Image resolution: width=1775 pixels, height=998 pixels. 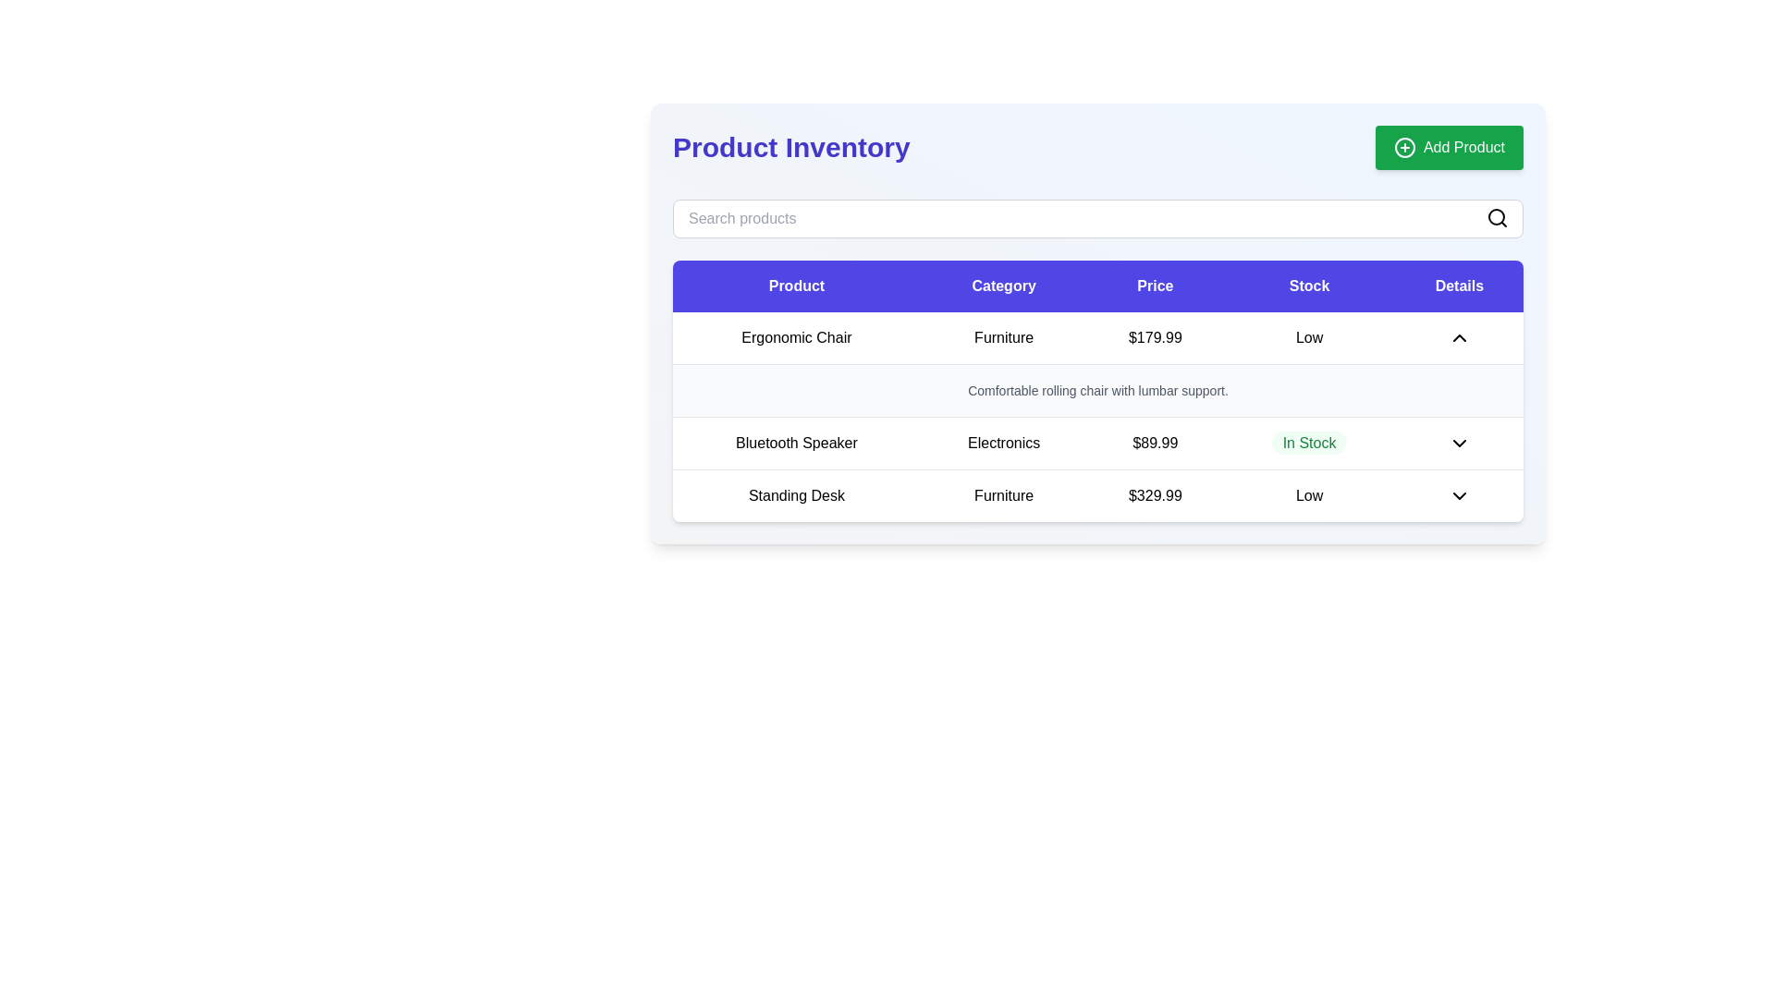 I want to click on the stock status label for the 'Bluetooth Speaker' product, which indicates its availability and is located in the 'Stock' column of the second row in a product information table, so click(x=1308, y=443).